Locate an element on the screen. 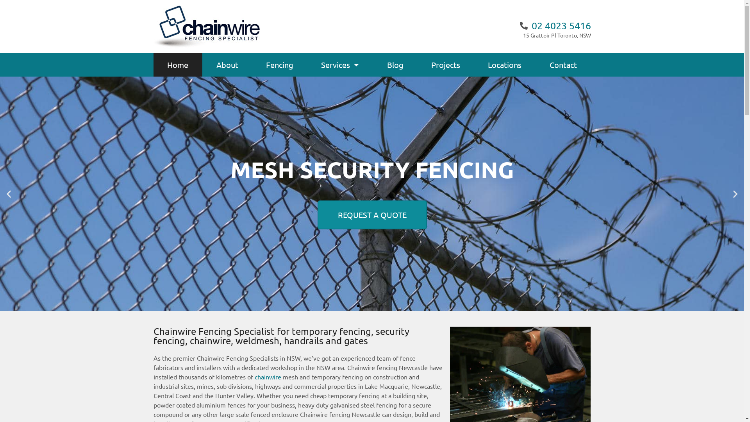  'Projects' is located at coordinates (445, 64).